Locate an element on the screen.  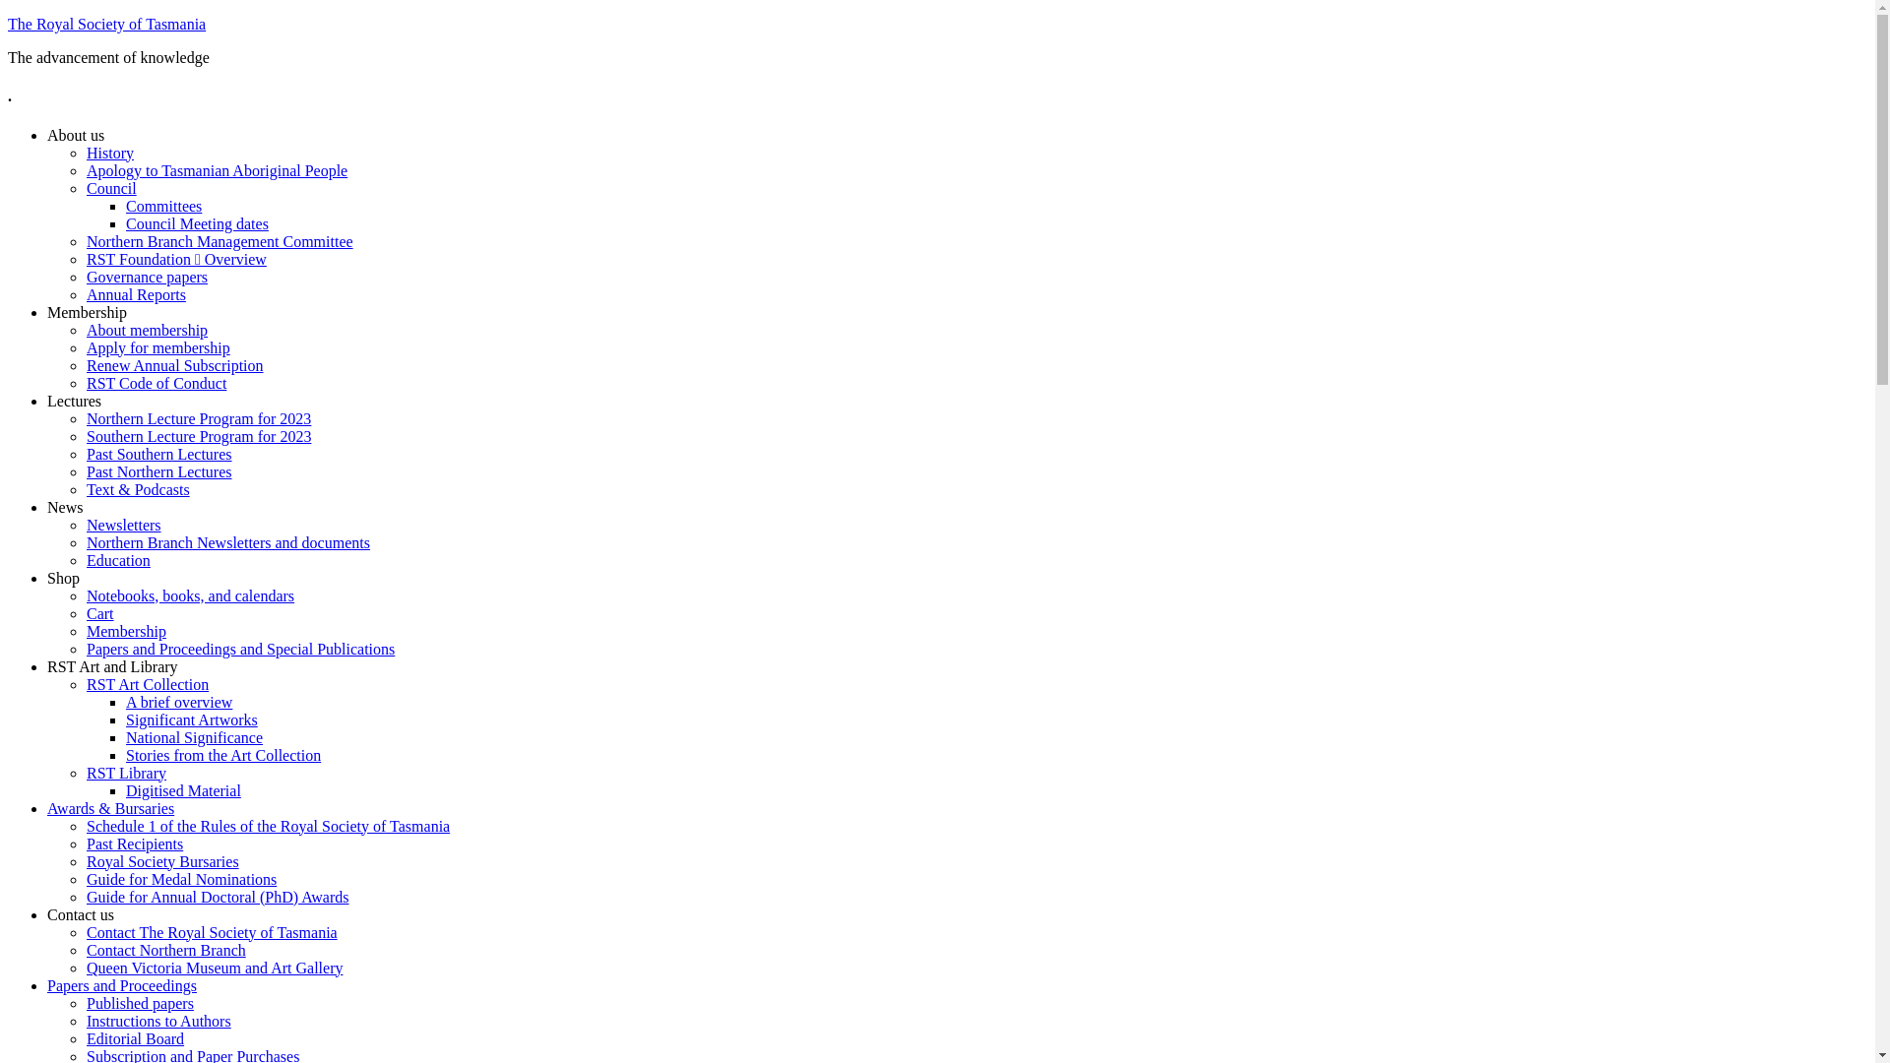
'RST Art and Library' is located at coordinates (111, 665).